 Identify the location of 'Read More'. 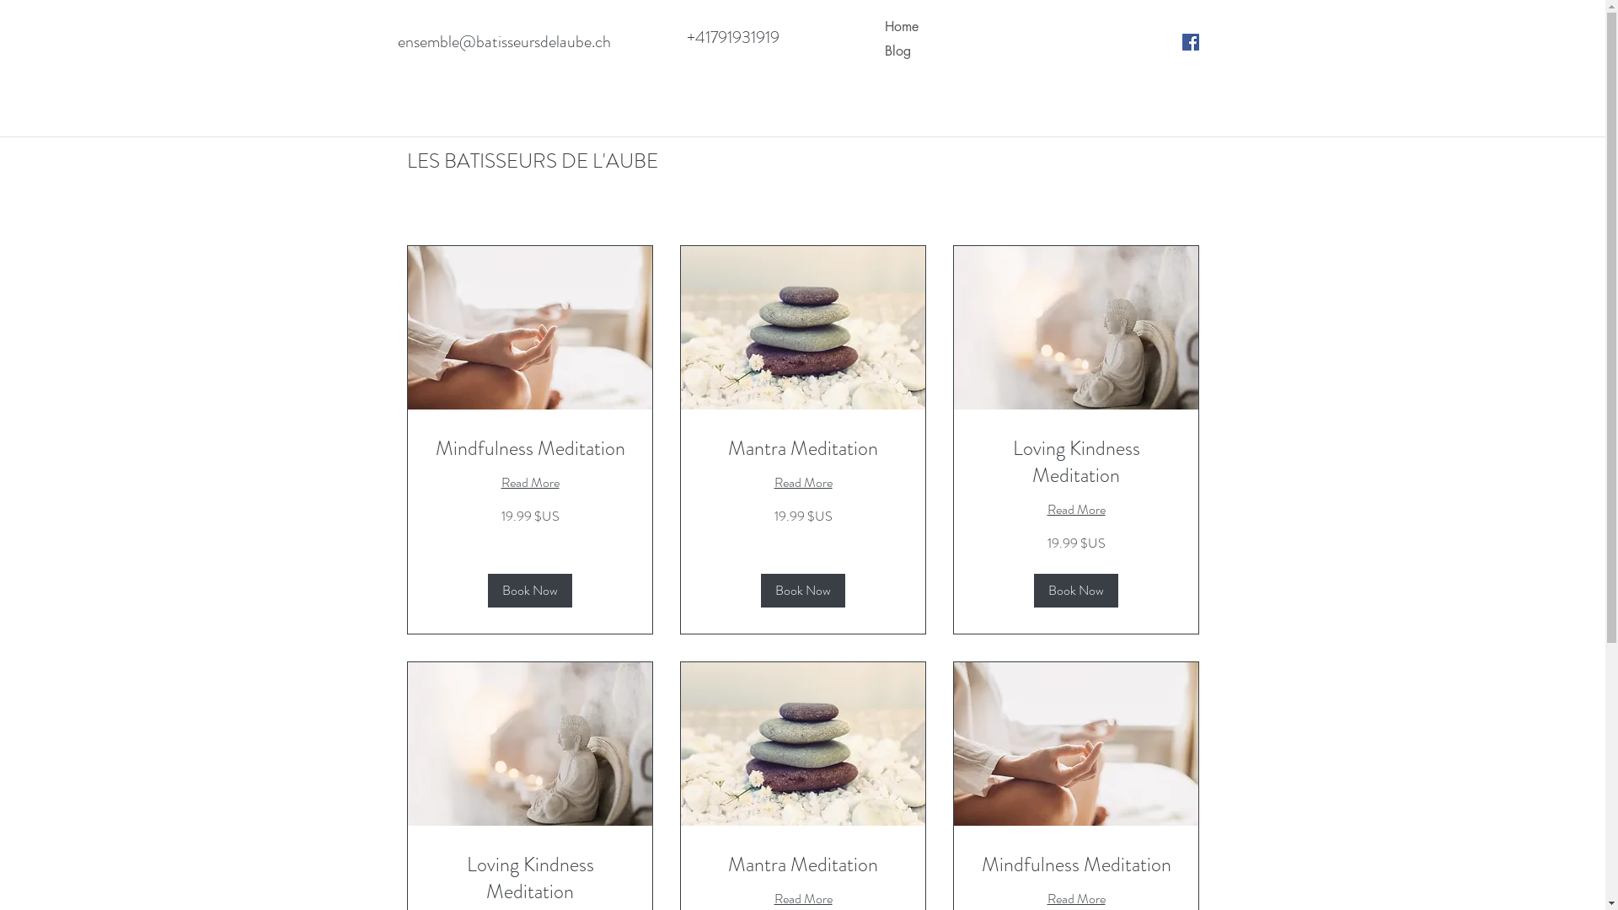
(1074, 898).